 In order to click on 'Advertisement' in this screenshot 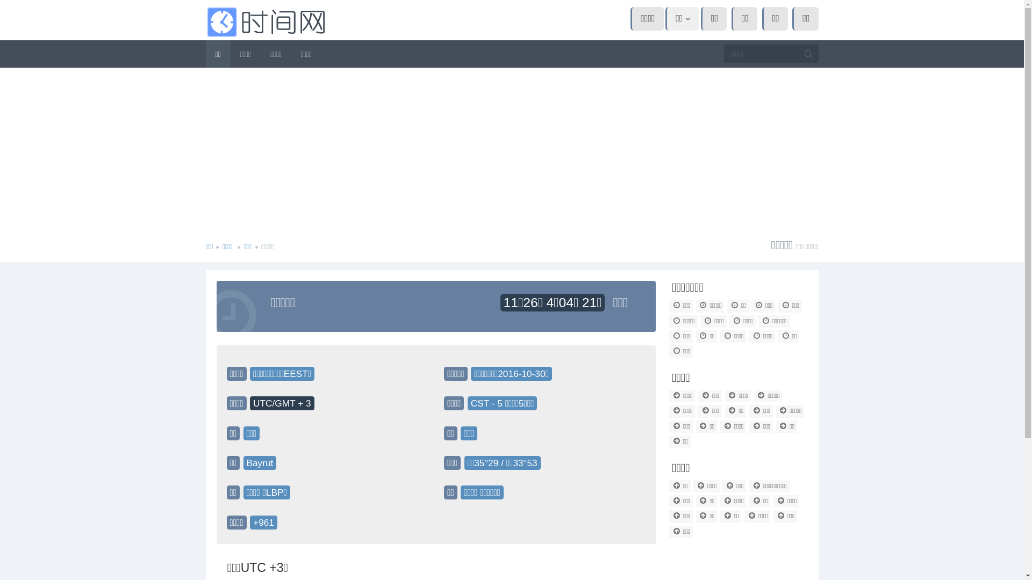, I will do `click(511, 148)`.